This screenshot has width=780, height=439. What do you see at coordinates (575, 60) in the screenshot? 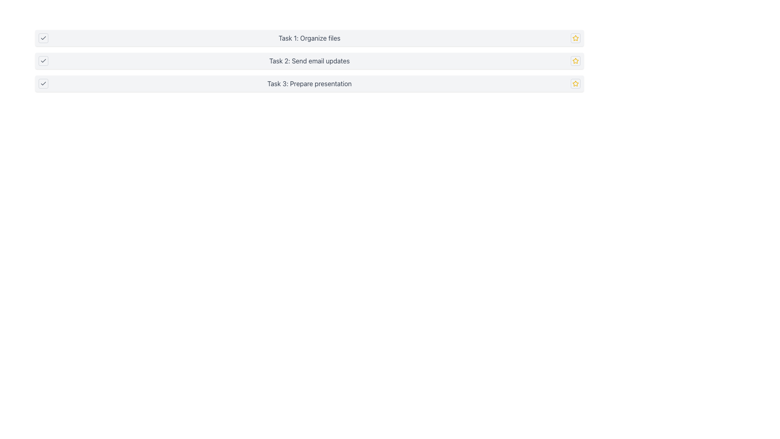
I see `the star-shaped button with a hollow center and yellow color located on the rightmost side of 'Task 3: Prepare presentation'` at bounding box center [575, 60].